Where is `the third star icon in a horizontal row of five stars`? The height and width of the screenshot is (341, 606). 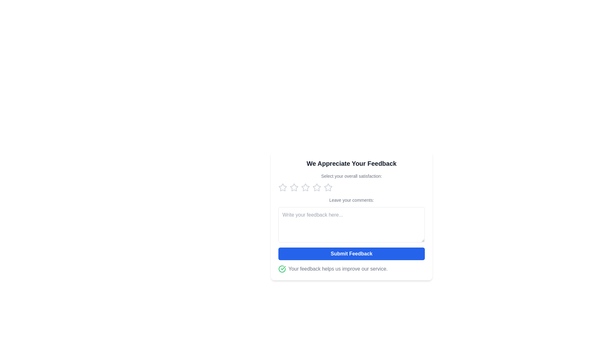
the third star icon in a horizontal row of five stars is located at coordinates (328, 187).